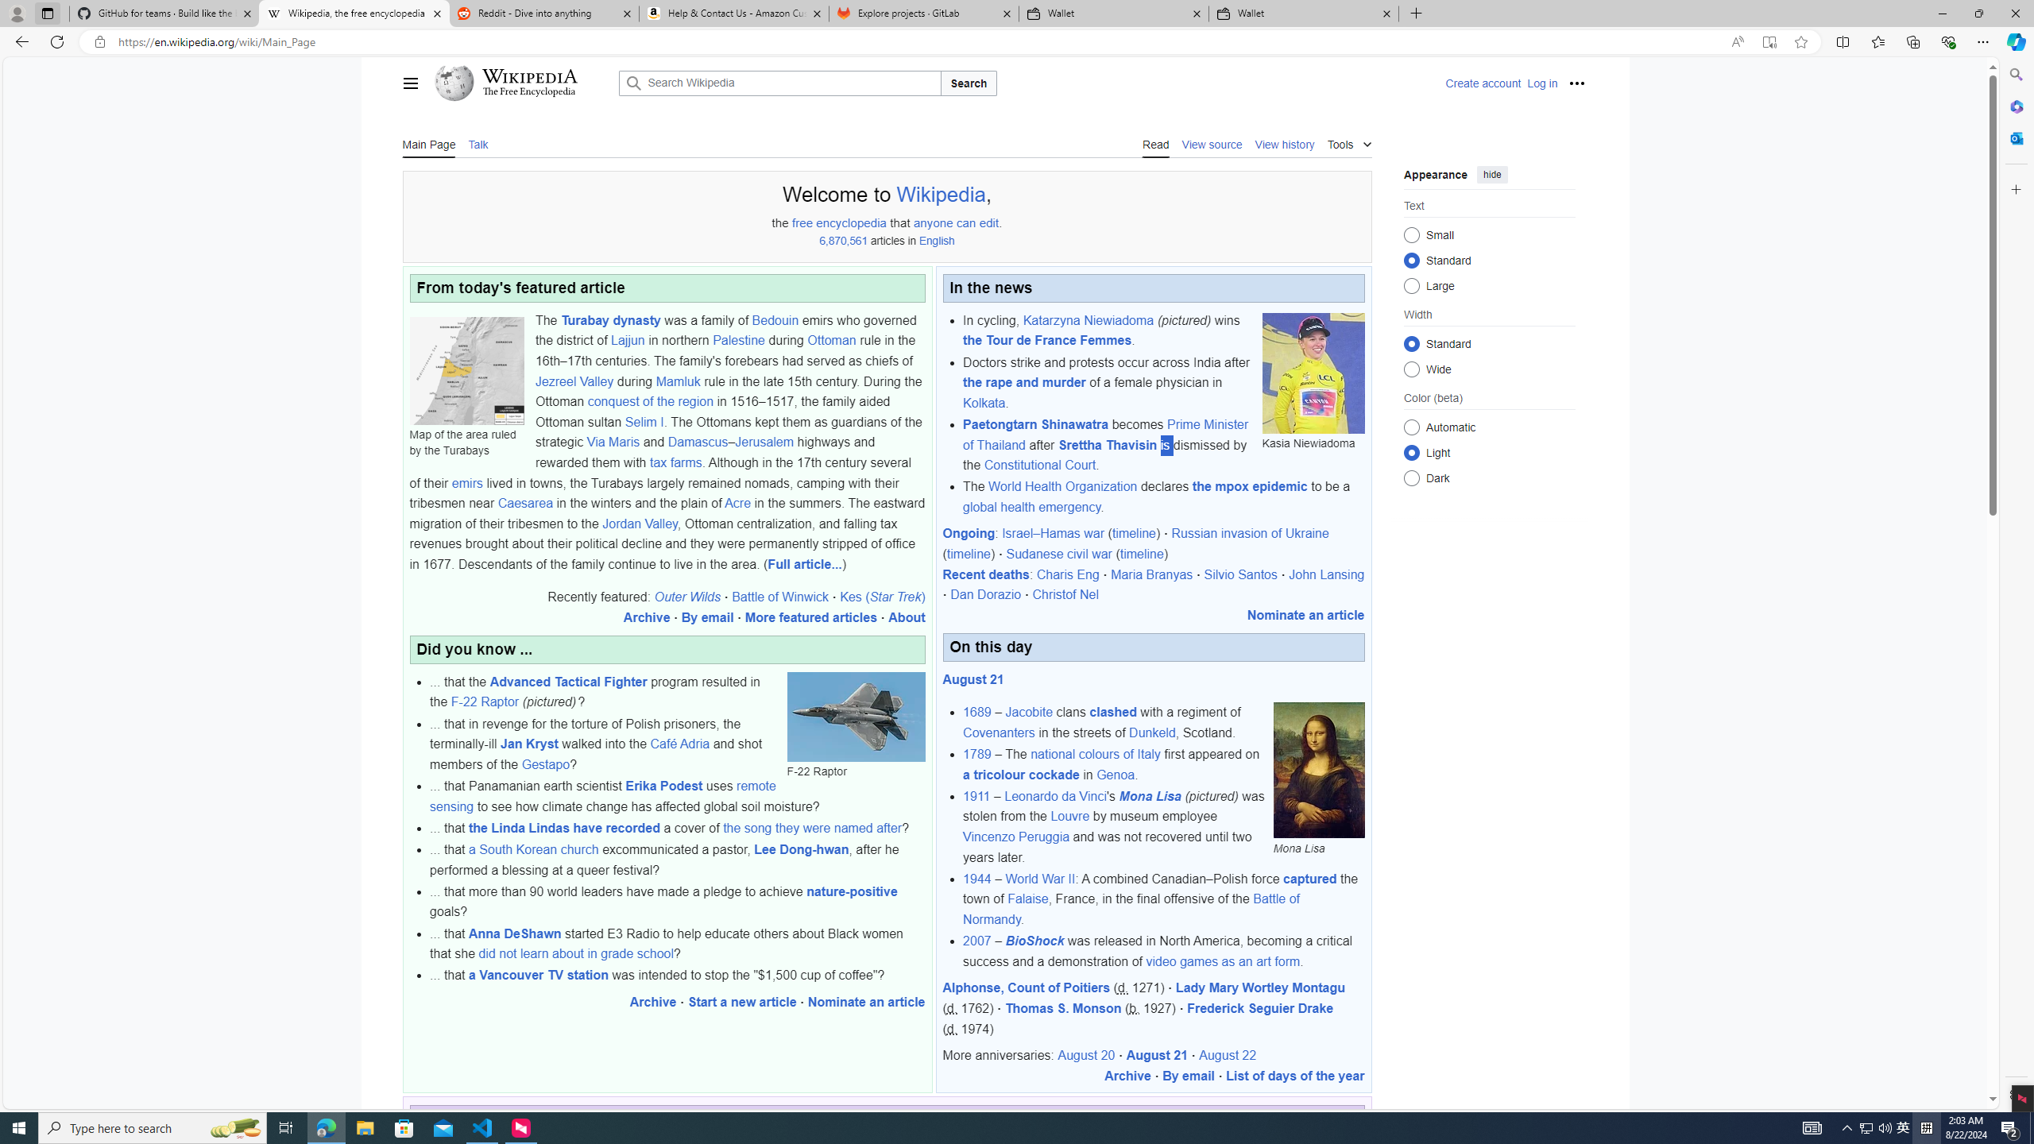 This screenshot has height=1144, width=2034. I want to click on 'Reddit - Dive into anything', so click(544, 13).